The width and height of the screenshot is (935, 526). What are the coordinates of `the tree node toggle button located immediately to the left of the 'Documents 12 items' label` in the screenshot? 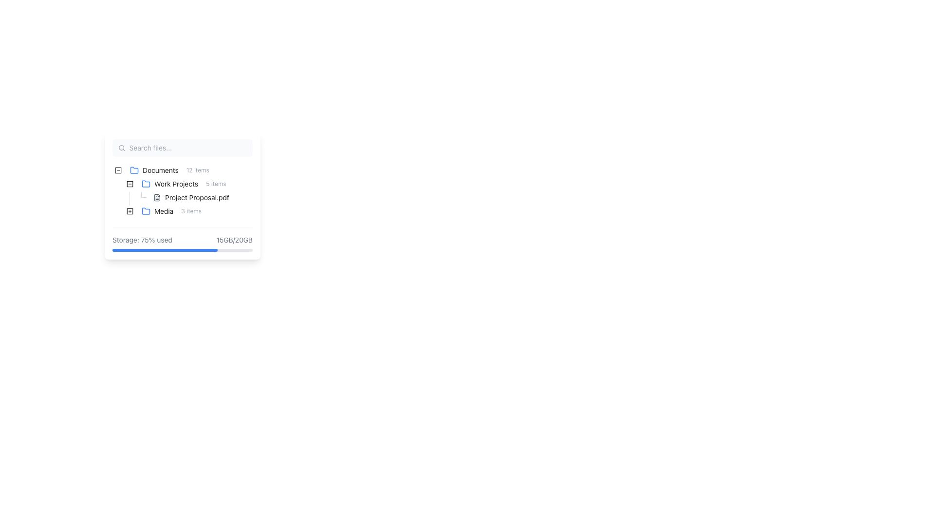 It's located at (118, 170).